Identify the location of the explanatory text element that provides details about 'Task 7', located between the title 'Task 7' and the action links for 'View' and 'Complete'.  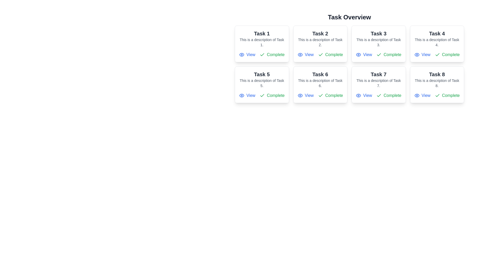
(378, 83).